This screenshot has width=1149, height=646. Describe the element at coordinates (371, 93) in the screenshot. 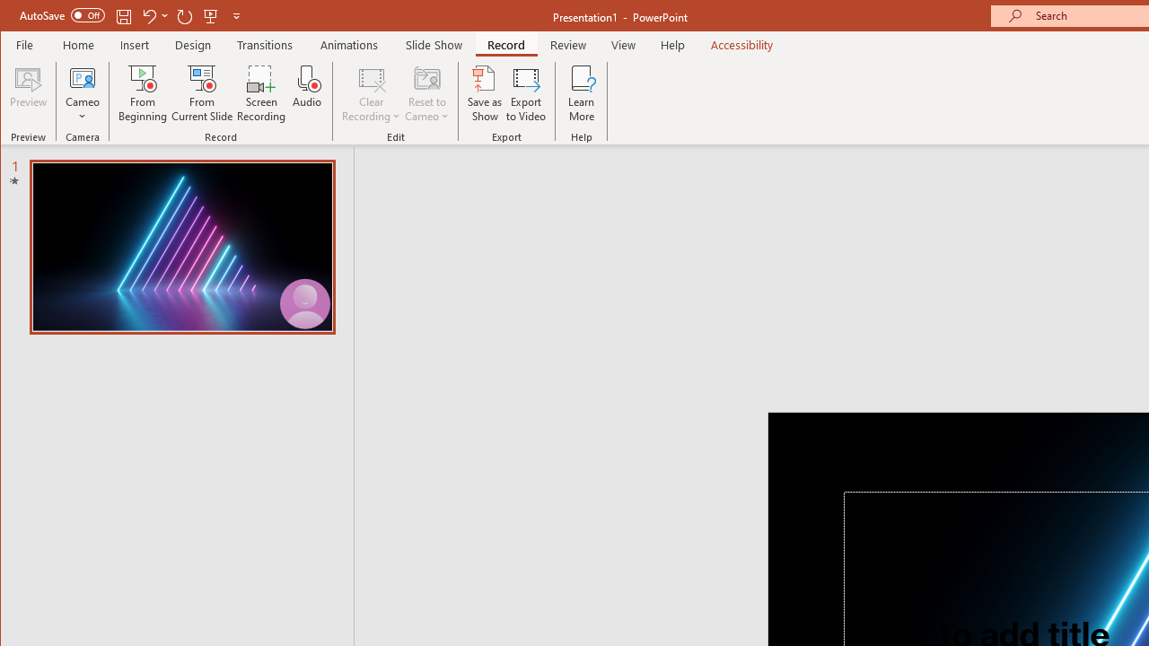

I see `'Clear Recording'` at that location.